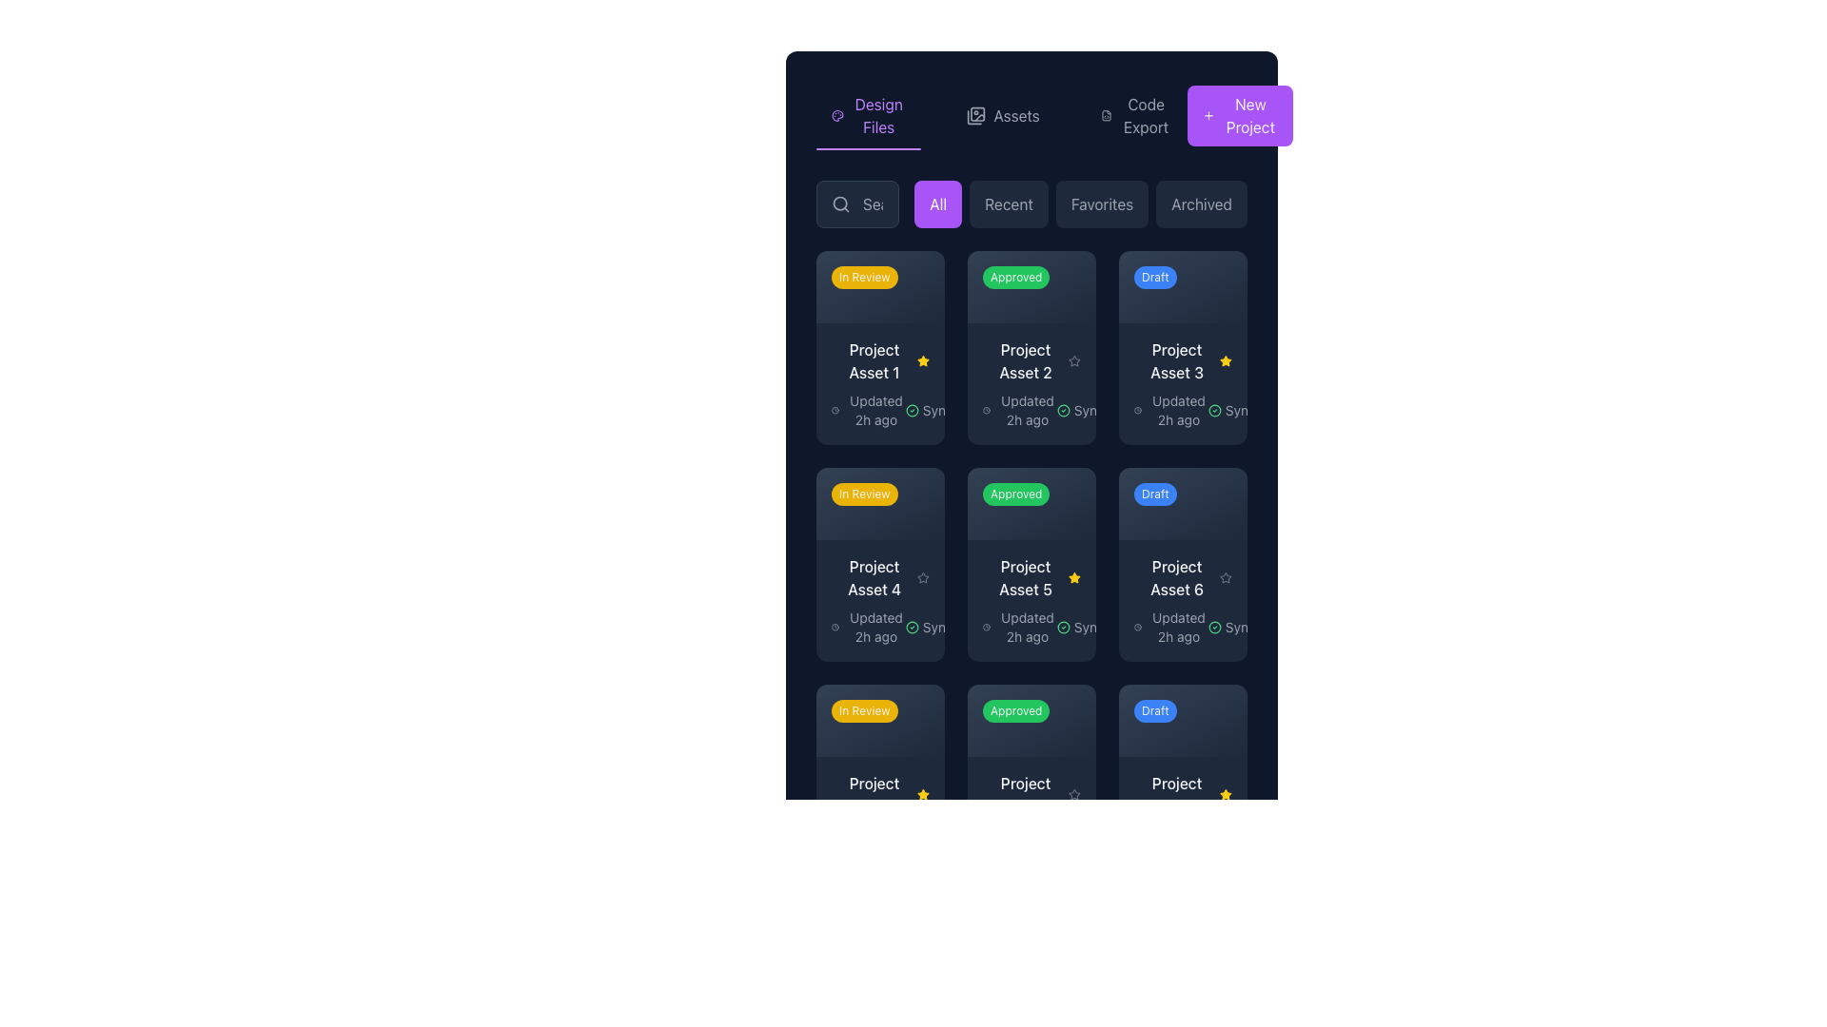 Image resolution: width=1827 pixels, height=1027 pixels. Describe the element at coordinates (863, 710) in the screenshot. I see `text from the status indicator label located in the bottom-left area of the grid layout` at that location.